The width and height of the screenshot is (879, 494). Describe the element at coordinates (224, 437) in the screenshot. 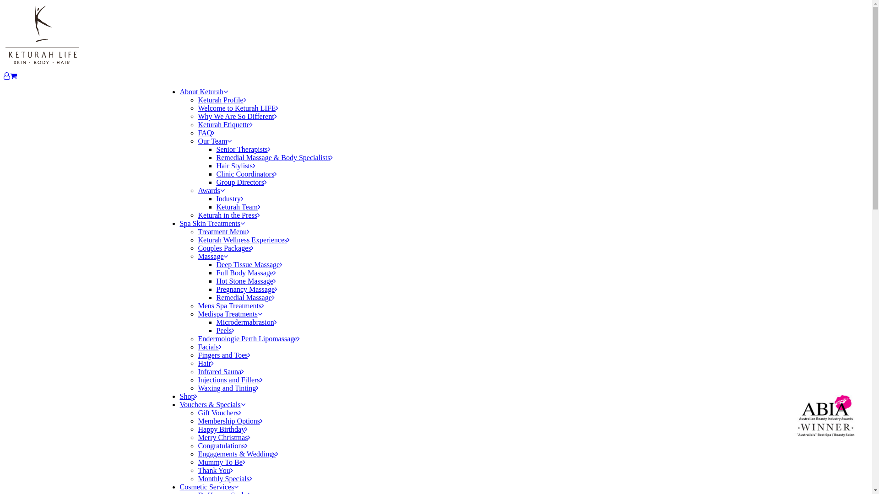

I see `'Merry Christmas'` at that location.